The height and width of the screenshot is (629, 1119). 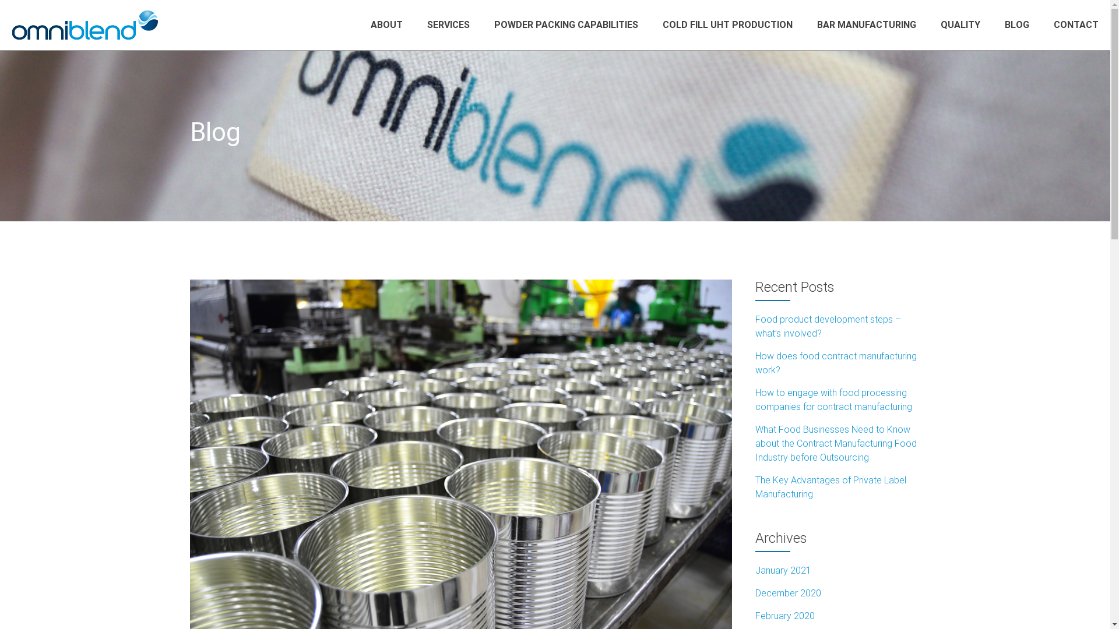 What do you see at coordinates (785, 615) in the screenshot?
I see `'February 2020'` at bounding box center [785, 615].